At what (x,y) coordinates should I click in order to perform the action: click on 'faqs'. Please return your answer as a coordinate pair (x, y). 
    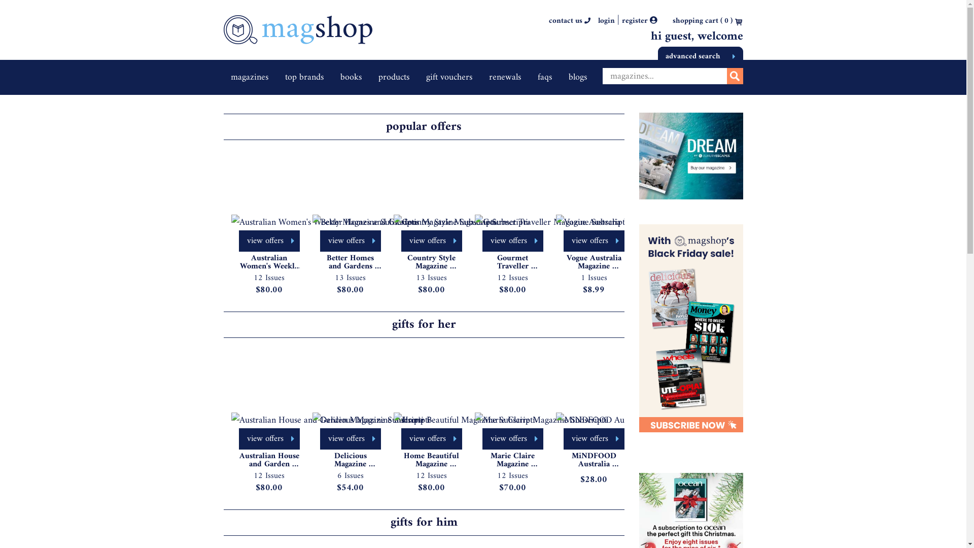
    Looking at the image, I should click on (544, 77).